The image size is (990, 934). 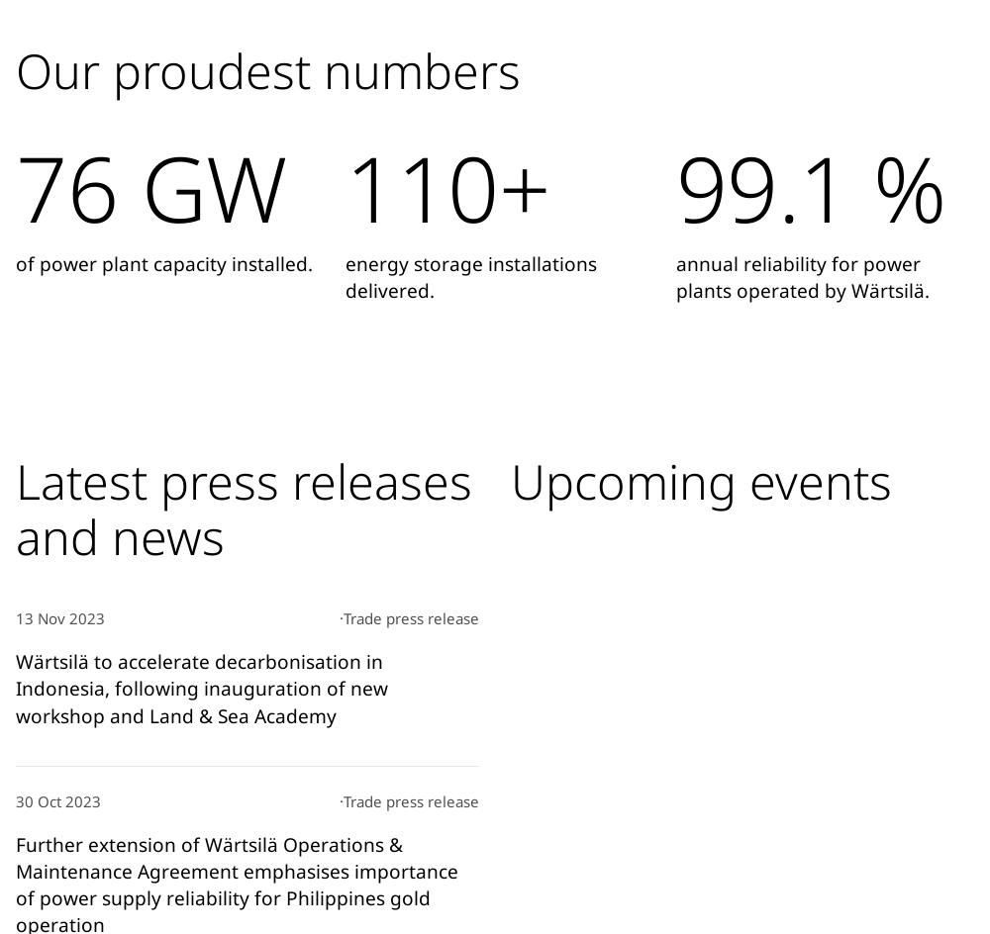 I want to click on 'Wärtsilä to accelerate decarbonisation in Indonesia, following inauguration of new workshop and Land & Sea Academy', so click(x=16, y=688).